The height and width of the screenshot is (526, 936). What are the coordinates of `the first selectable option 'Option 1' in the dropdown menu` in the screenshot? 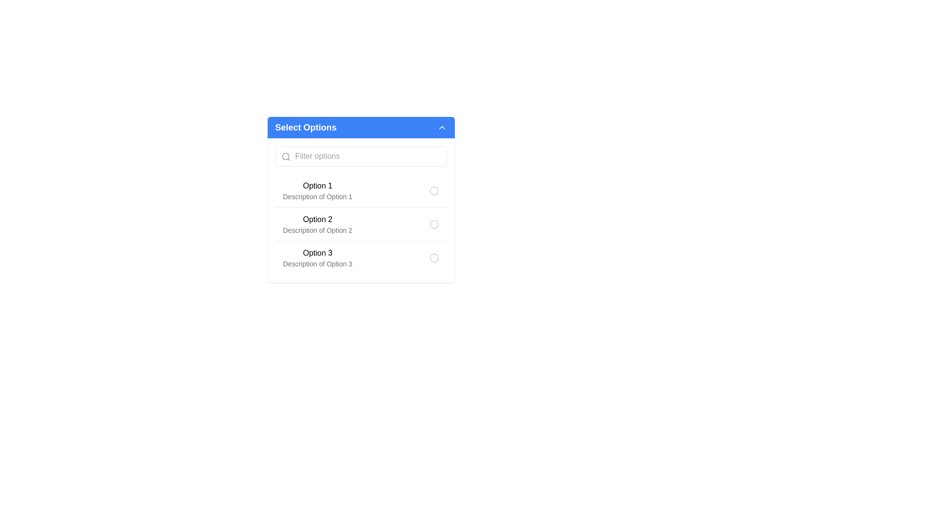 It's located at (360, 191).